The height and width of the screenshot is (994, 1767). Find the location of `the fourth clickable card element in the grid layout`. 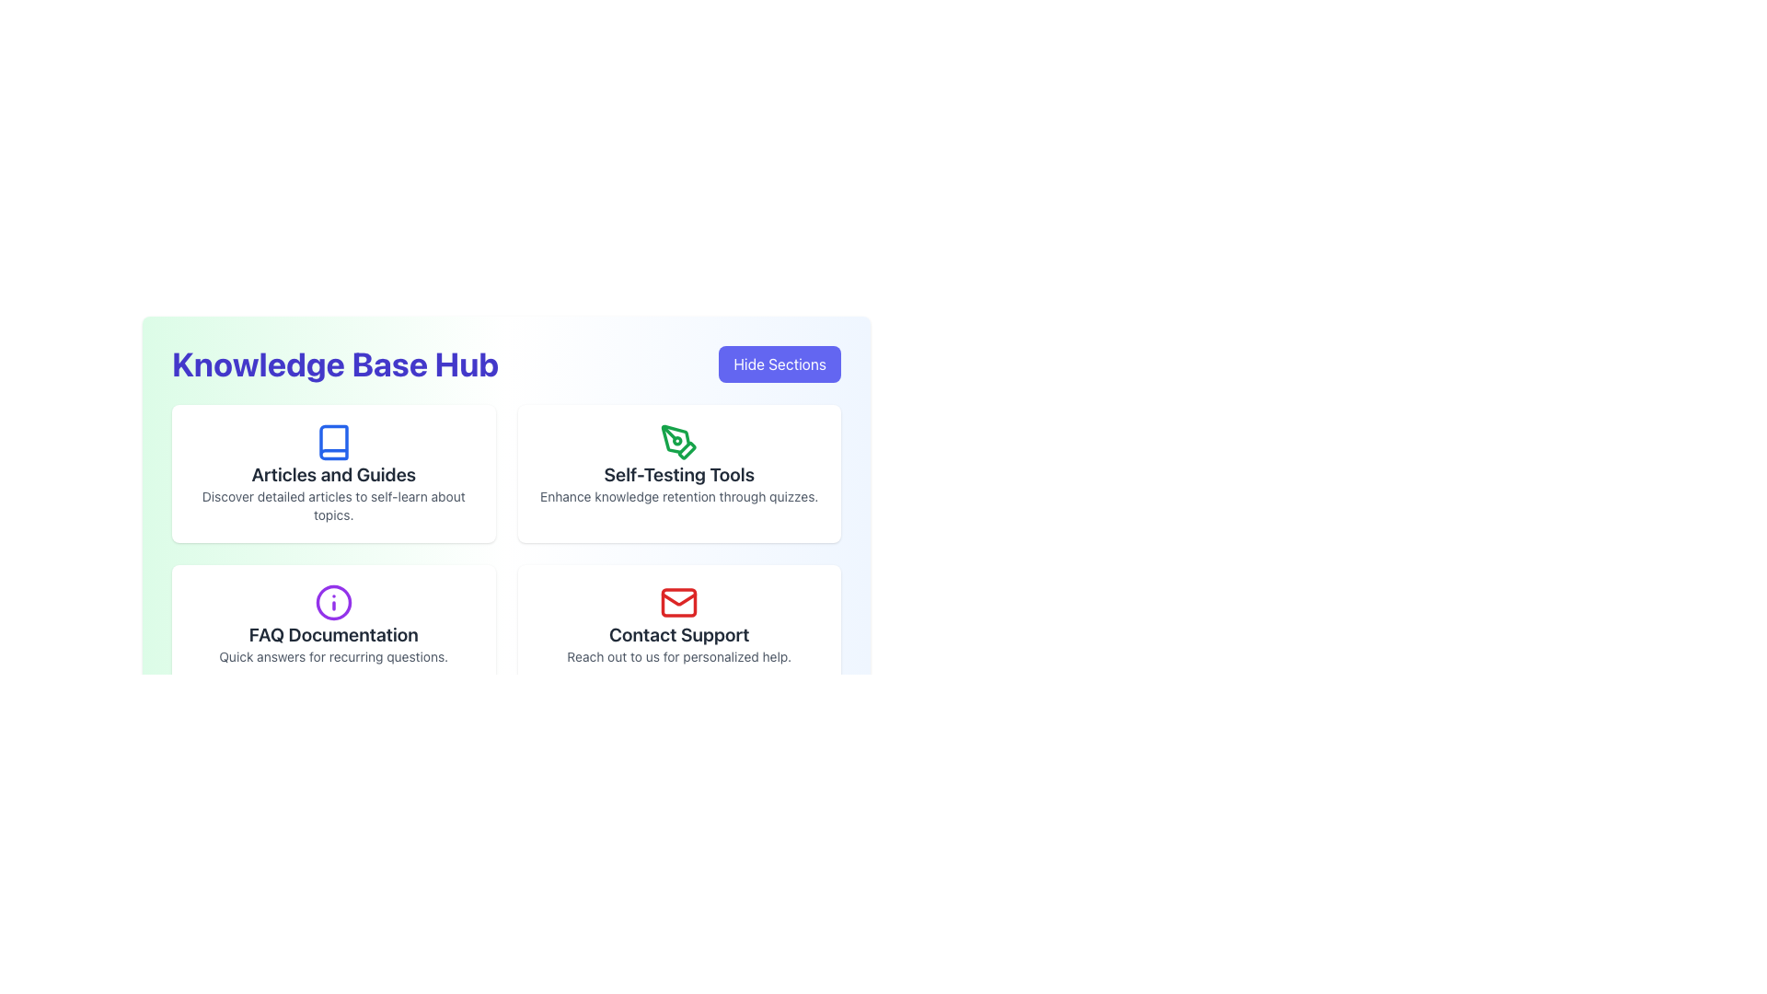

the fourth clickable card element in the grid layout is located at coordinates (678, 623).